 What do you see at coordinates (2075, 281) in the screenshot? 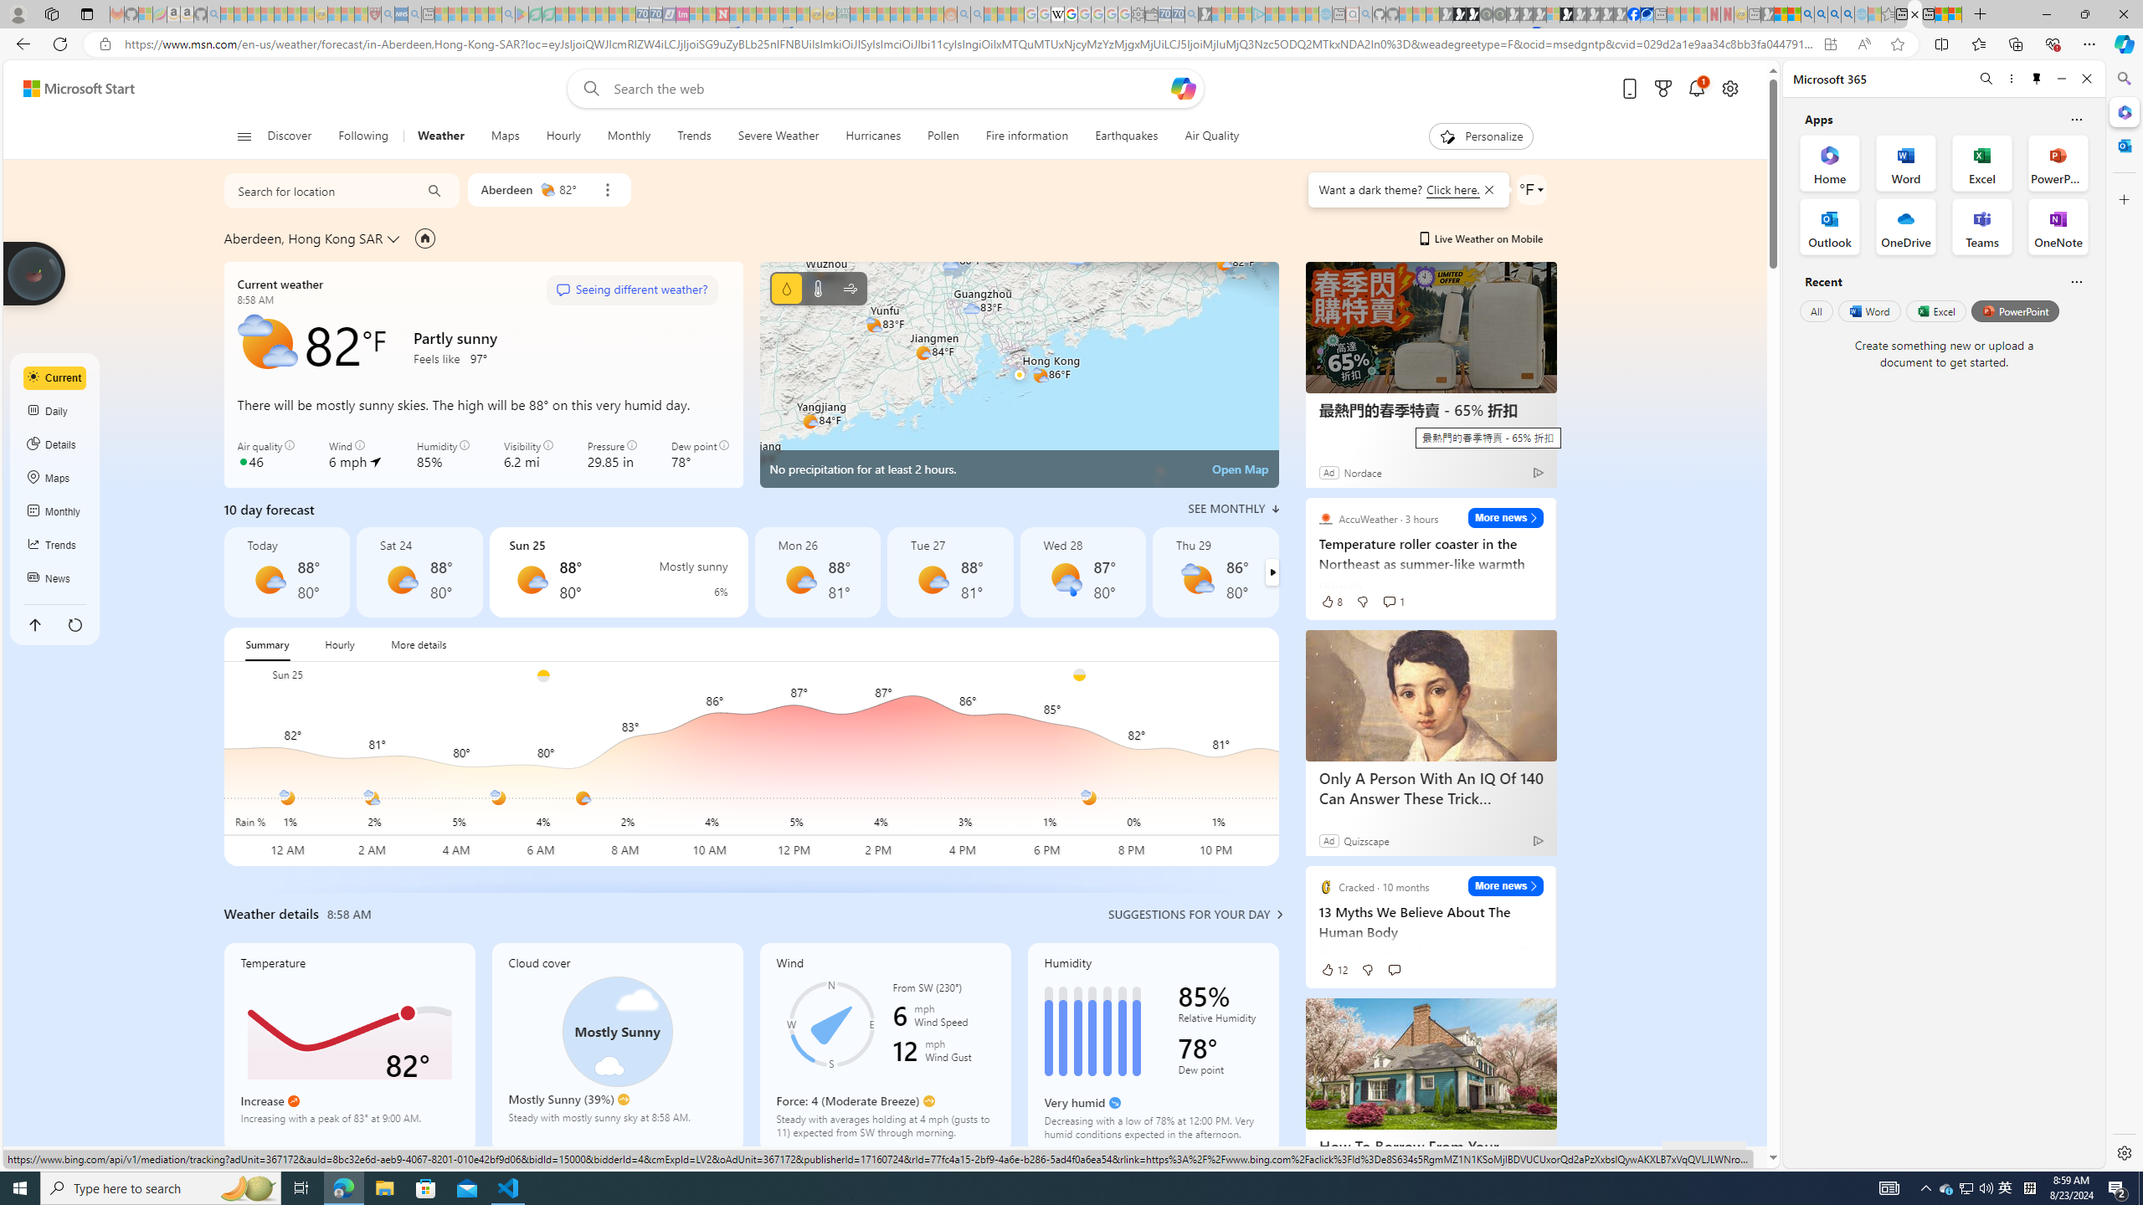
I see `'Is this helpful?'` at bounding box center [2075, 281].